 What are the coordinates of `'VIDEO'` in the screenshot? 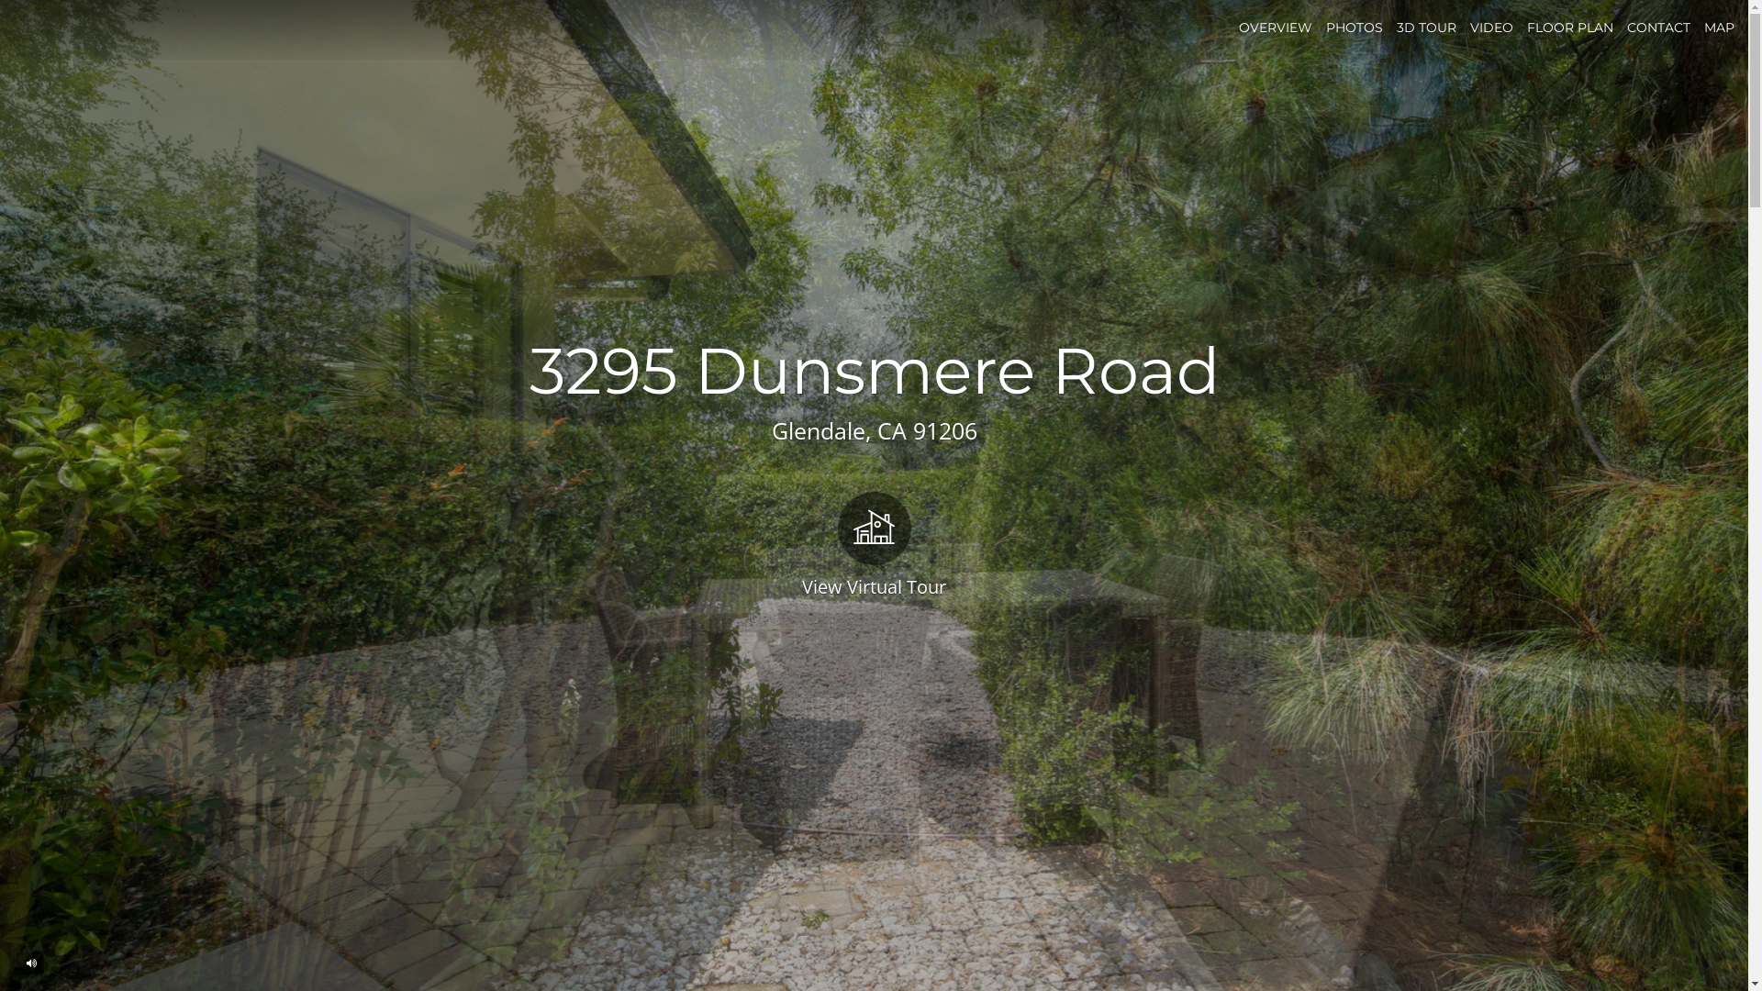 It's located at (1470, 28).